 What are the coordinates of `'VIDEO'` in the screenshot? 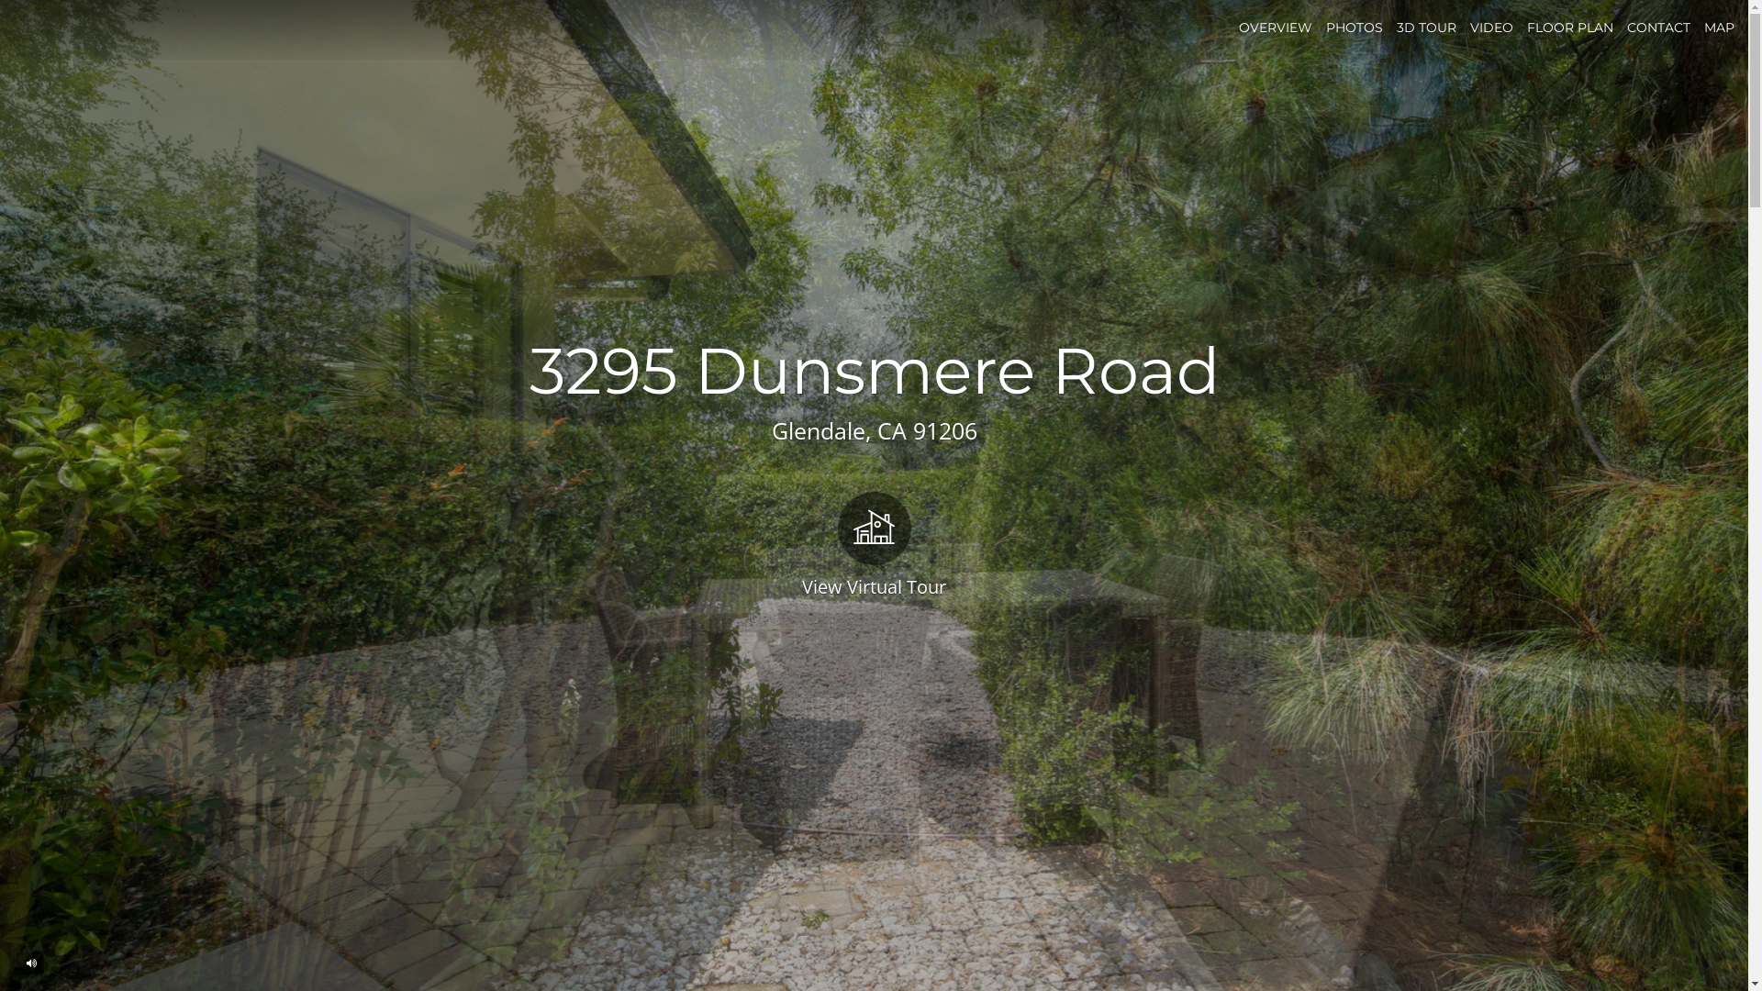 It's located at (1470, 28).